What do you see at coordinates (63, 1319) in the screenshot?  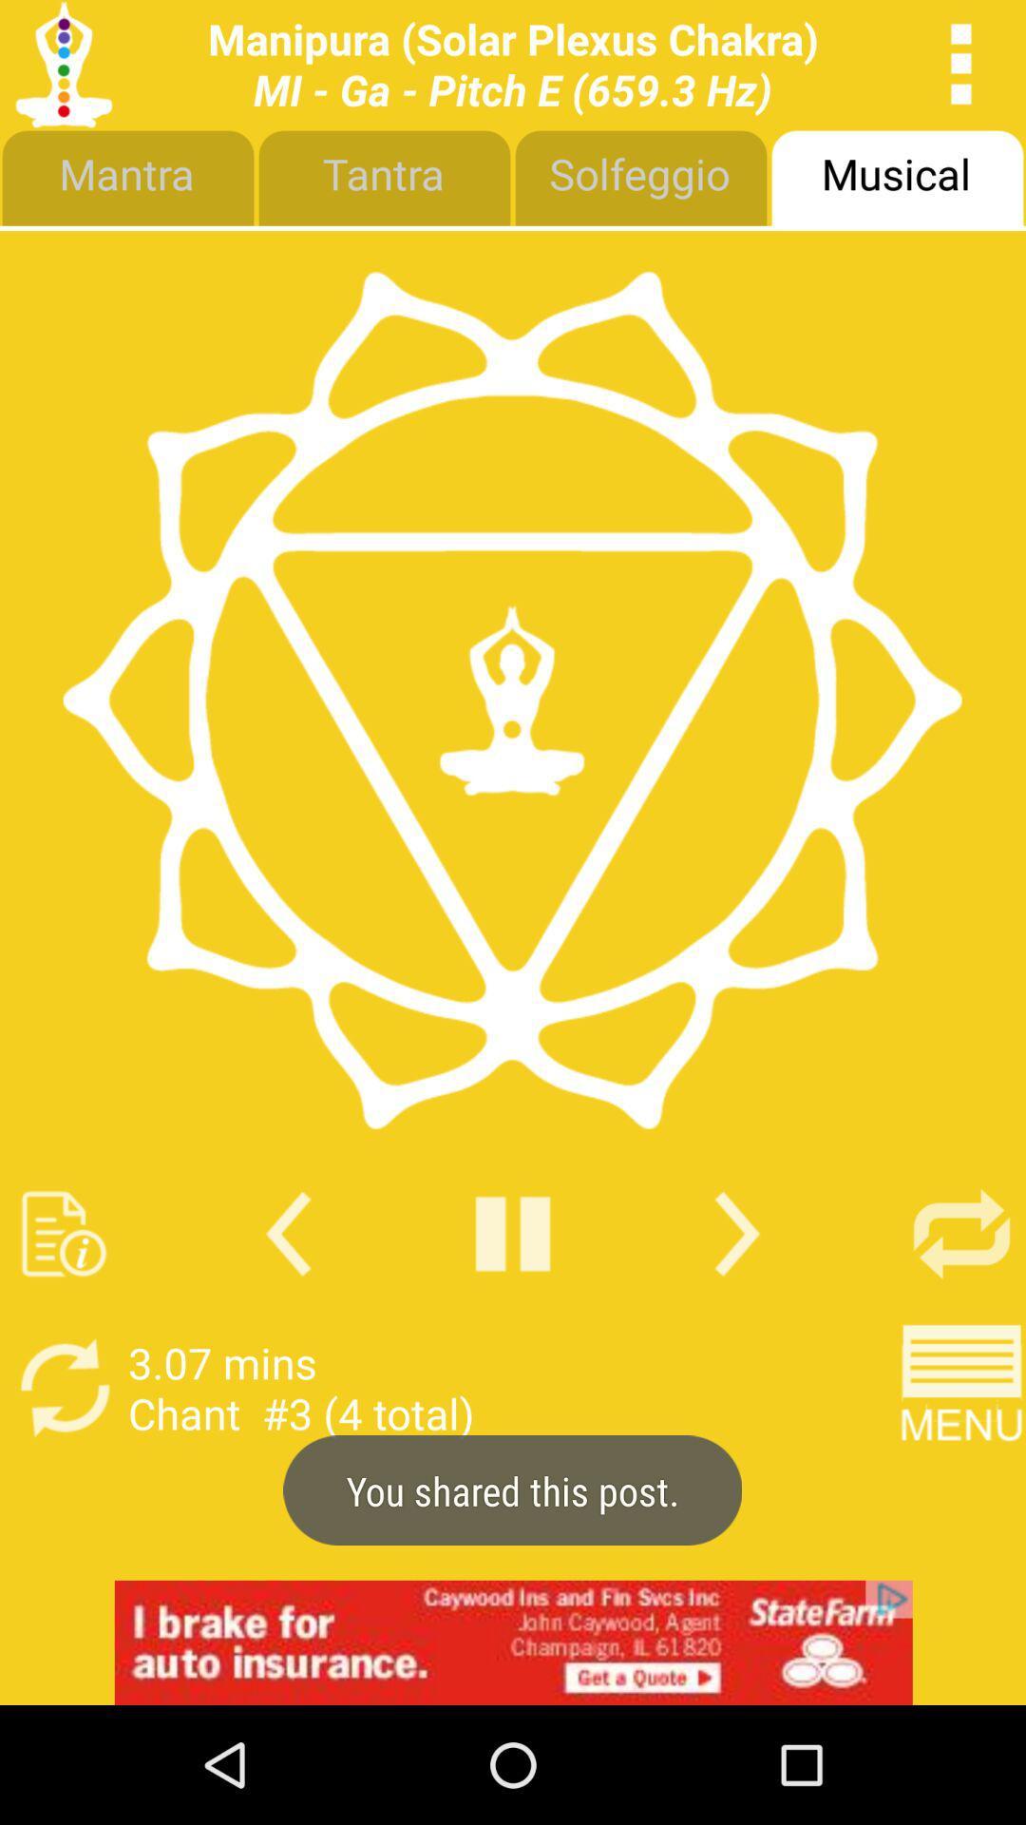 I see `the description icon` at bounding box center [63, 1319].